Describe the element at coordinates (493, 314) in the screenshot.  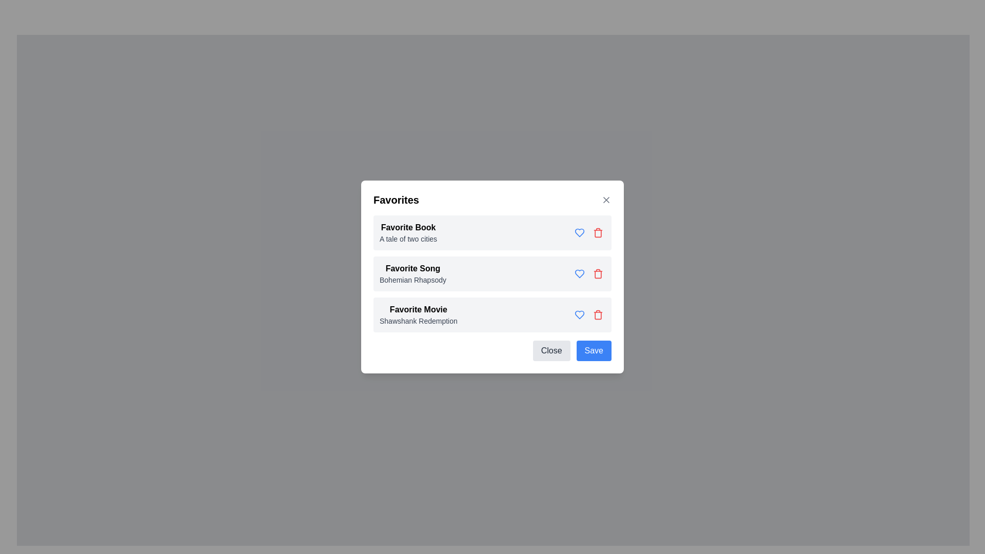
I see `displayed texts on the card component titled 'Favorite Movie' with subtitle 'Shawshank Redemption', located at the bottom of the list in the modal dialog` at that location.